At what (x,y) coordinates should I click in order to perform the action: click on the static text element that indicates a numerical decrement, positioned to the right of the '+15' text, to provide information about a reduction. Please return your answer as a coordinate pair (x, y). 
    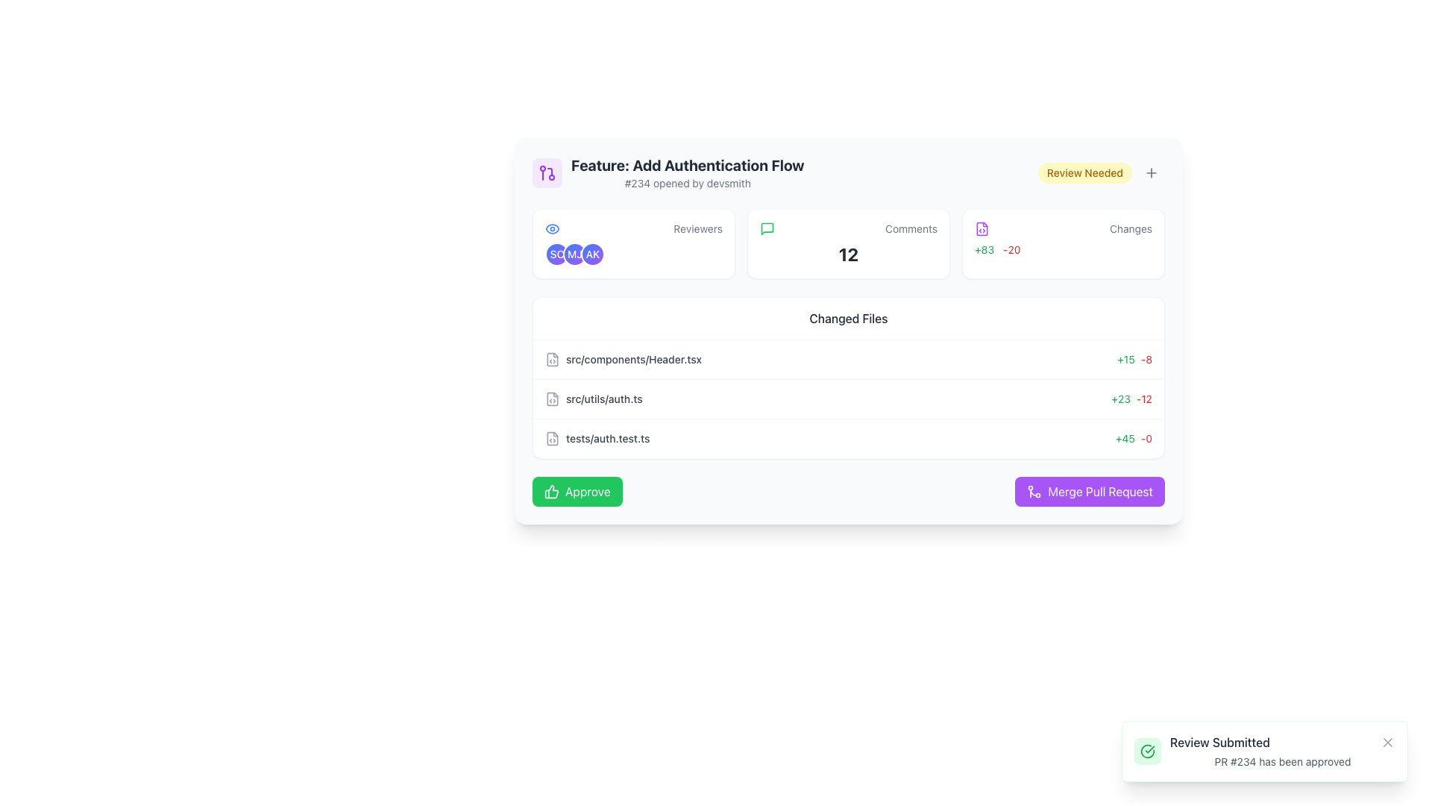
    Looking at the image, I should click on (1146, 360).